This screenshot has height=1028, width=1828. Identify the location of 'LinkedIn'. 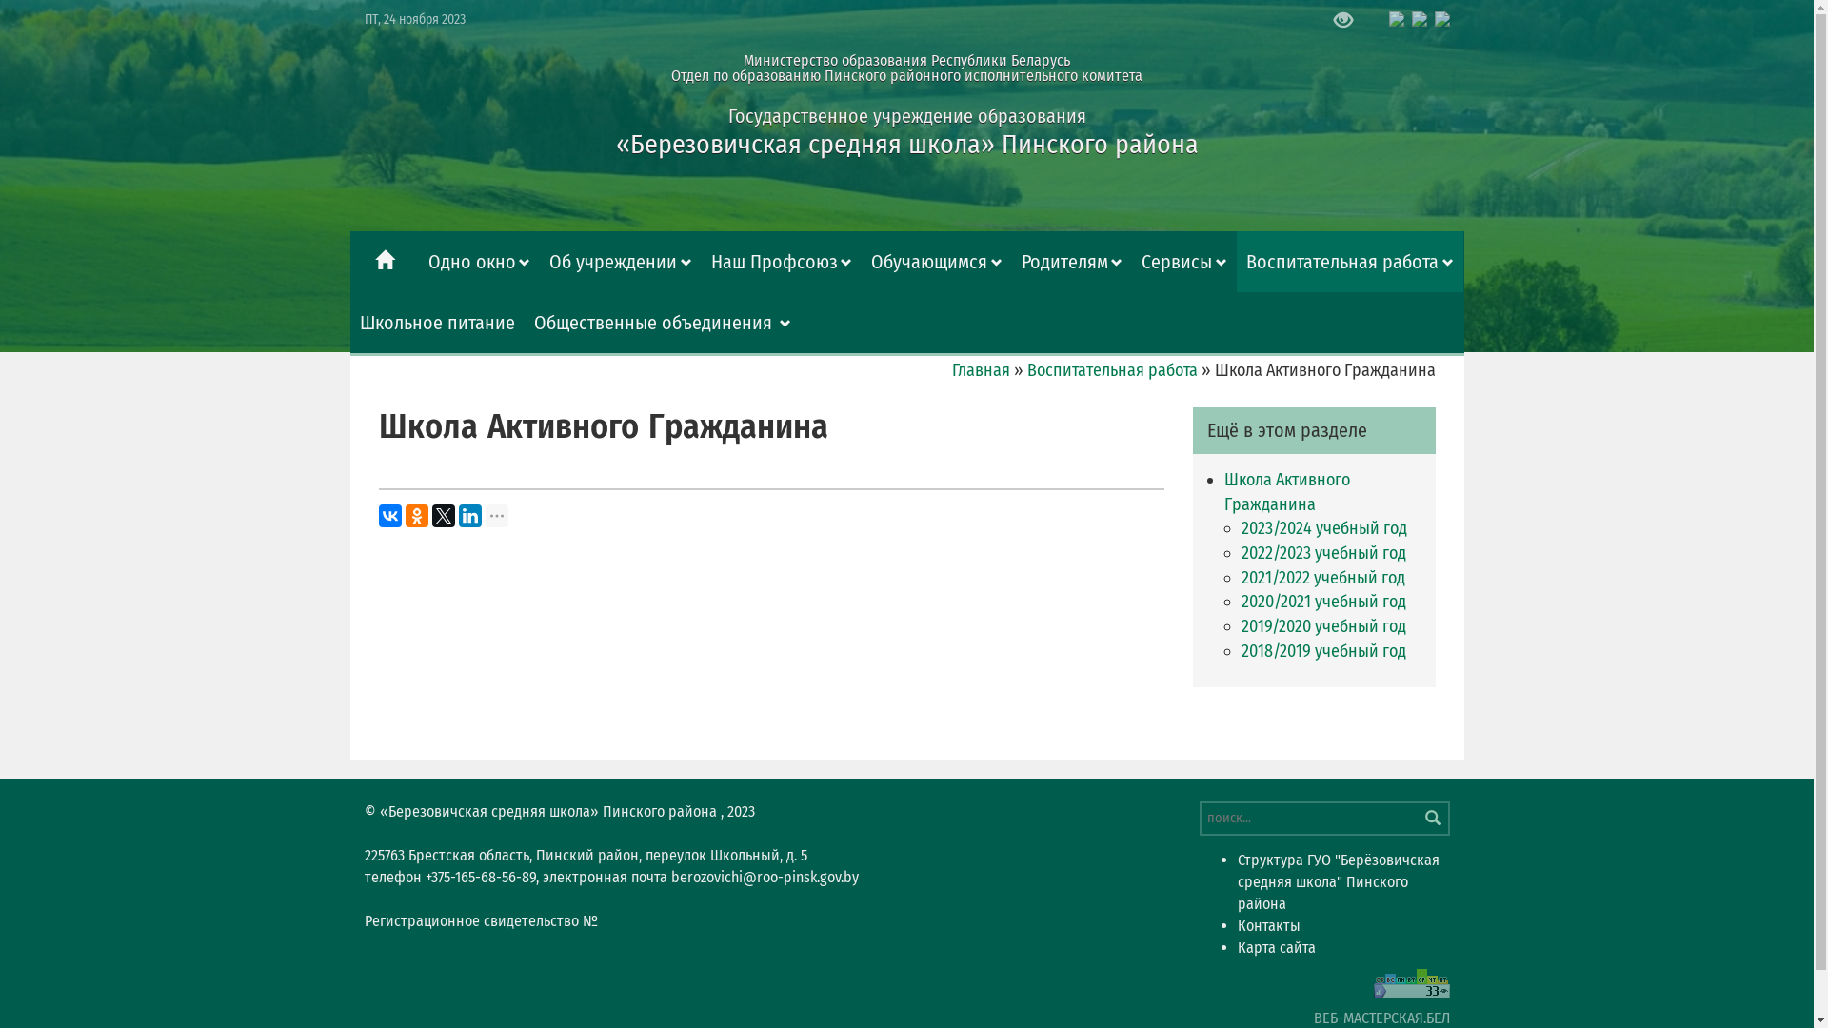
(458, 516).